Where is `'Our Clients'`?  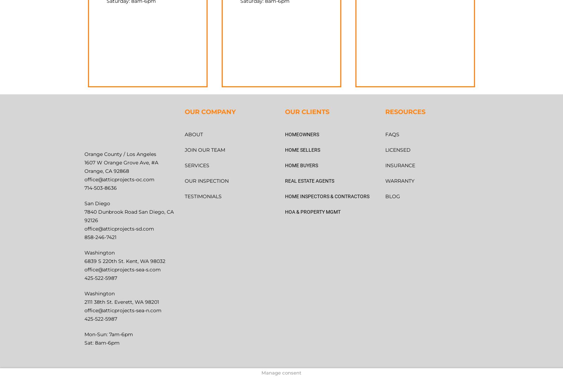 'Our Clients' is located at coordinates (306, 111).